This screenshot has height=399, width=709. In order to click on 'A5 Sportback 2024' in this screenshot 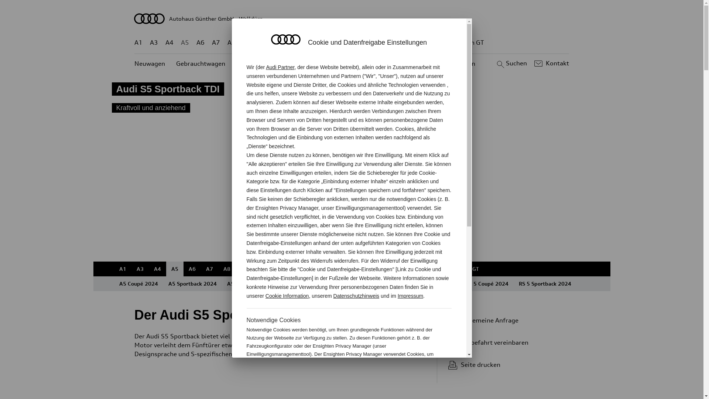, I will do `click(192, 283)`.